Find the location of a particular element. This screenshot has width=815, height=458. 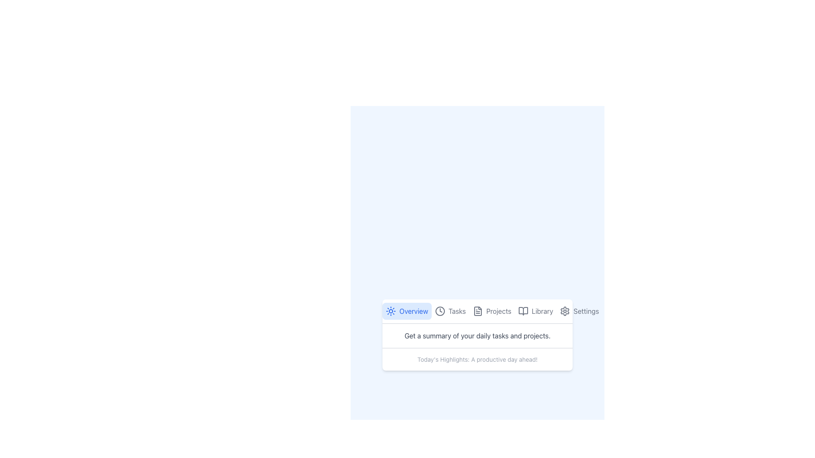

the cogwheel icon located at the far-right side of the horizontal navigation bar is located at coordinates (565, 311).